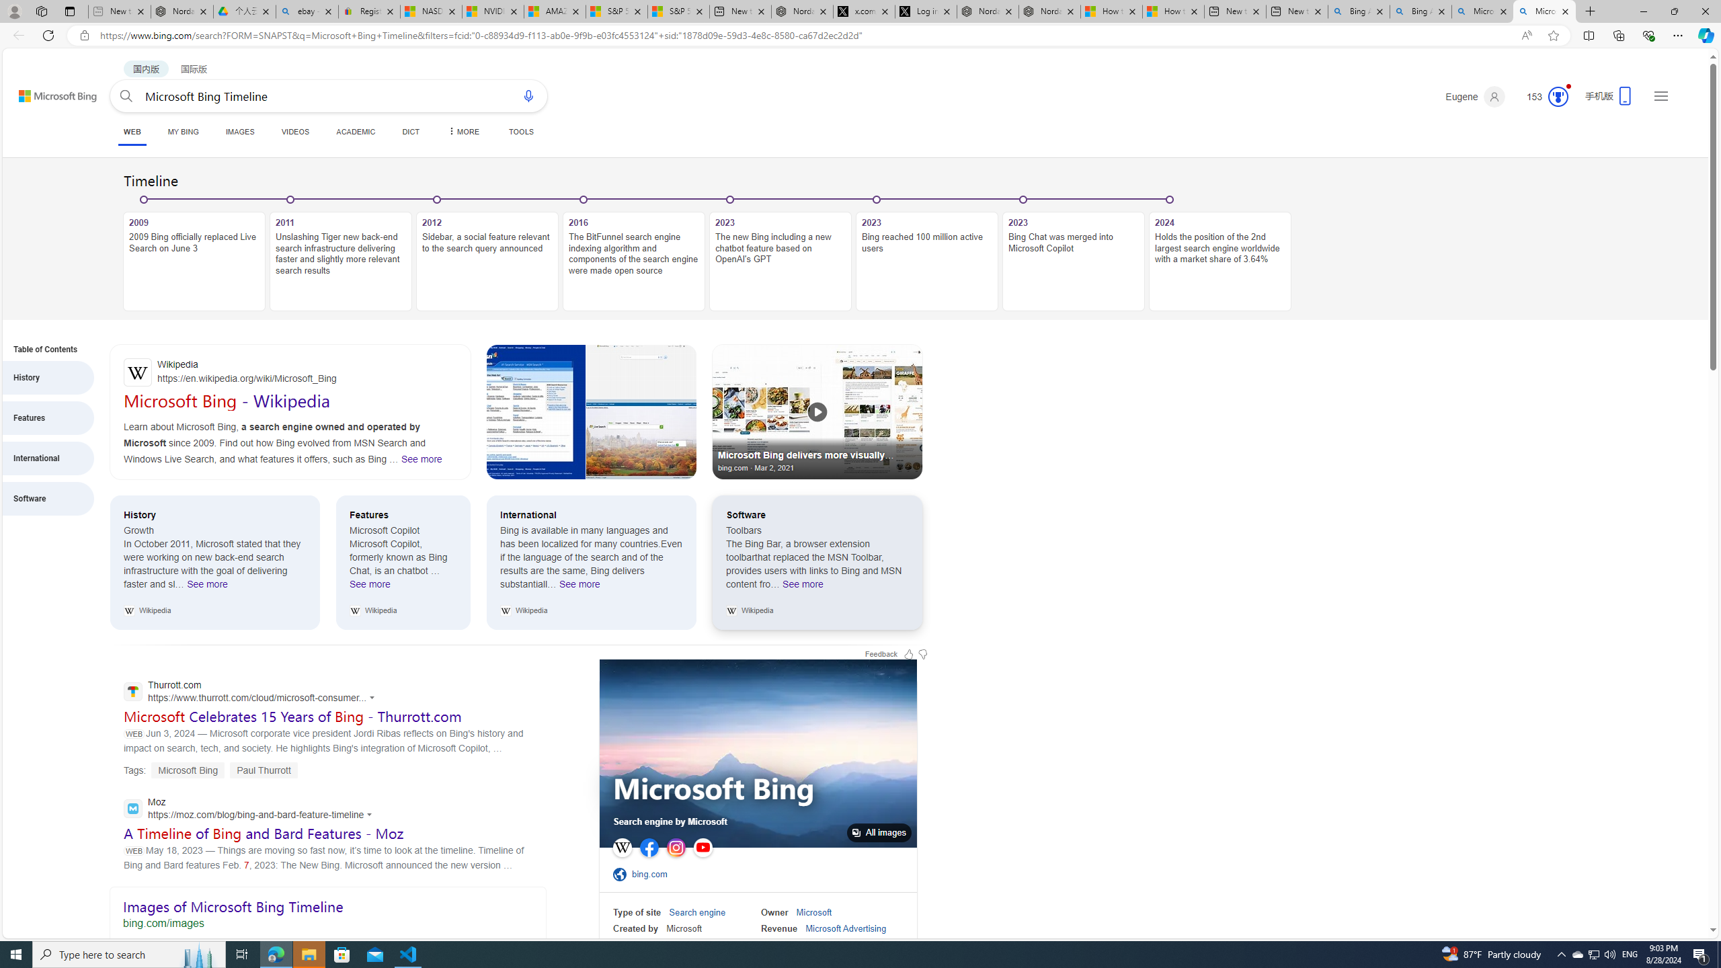 This screenshot has width=1721, height=968. What do you see at coordinates (653, 875) in the screenshot?
I see `'bing.com'` at bounding box center [653, 875].